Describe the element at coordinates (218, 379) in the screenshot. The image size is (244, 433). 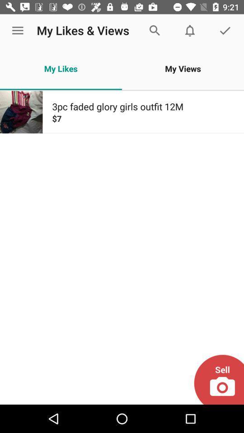
I see `icon at the bottom right corner` at that location.